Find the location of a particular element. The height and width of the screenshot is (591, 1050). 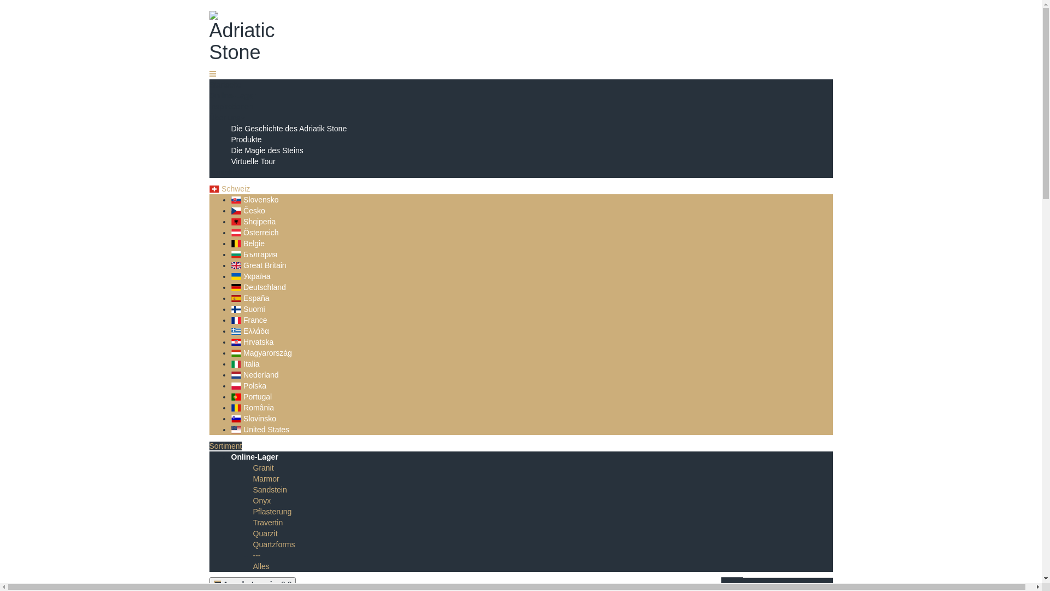

' United States' is located at coordinates (259, 429).